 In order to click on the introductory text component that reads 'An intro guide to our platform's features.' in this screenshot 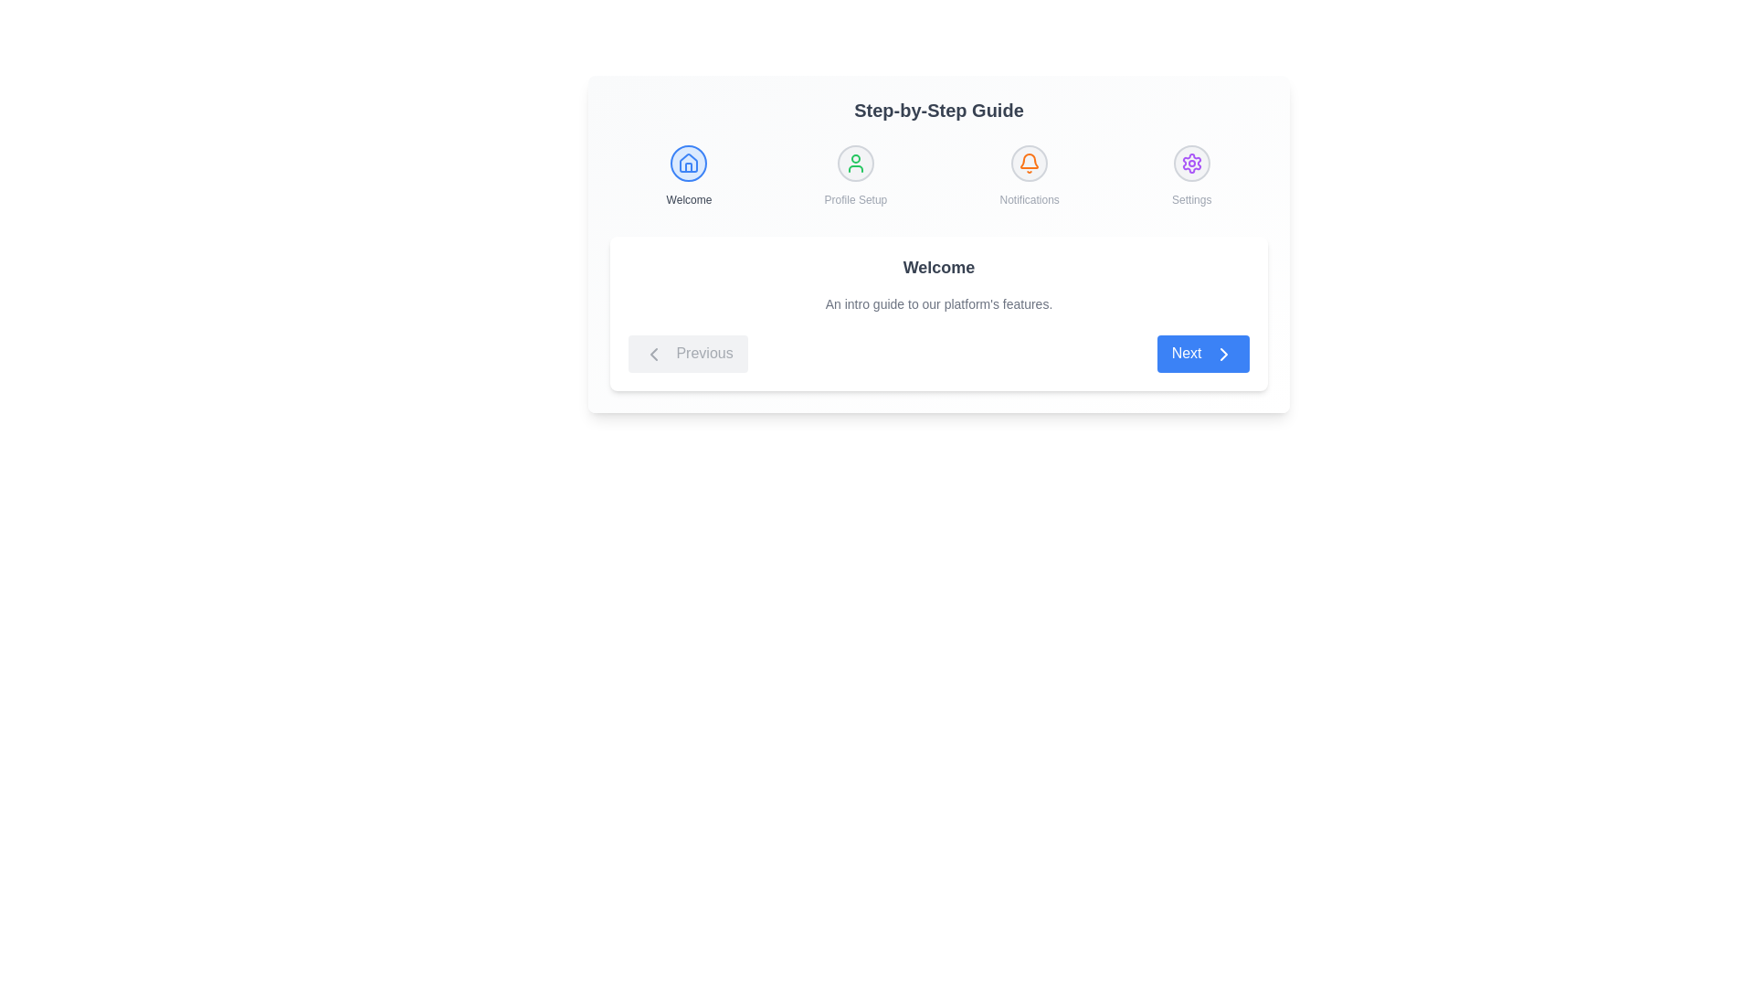, I will do `click(938, 302)`.